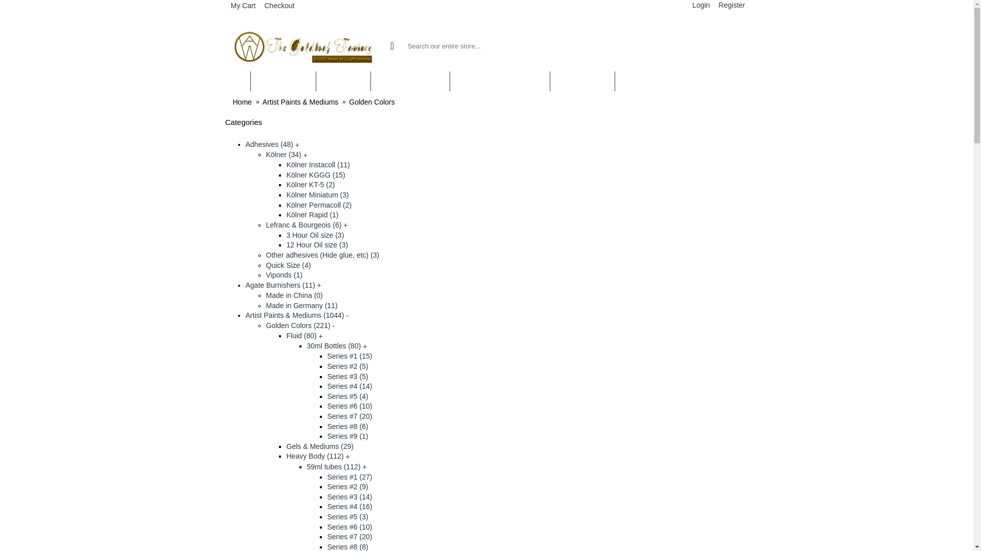 The height and width of the screenshot is (551, 981). What do you see at coordinates (699, 6) in the screenshot?
I see `'Login'` at bounding box center [699, 6].